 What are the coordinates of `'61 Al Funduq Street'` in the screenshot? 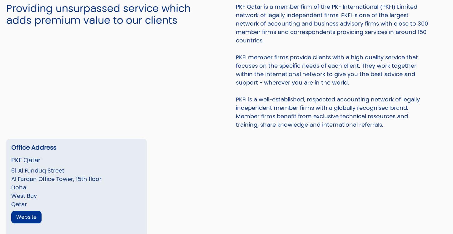 It's located at (37, 170).